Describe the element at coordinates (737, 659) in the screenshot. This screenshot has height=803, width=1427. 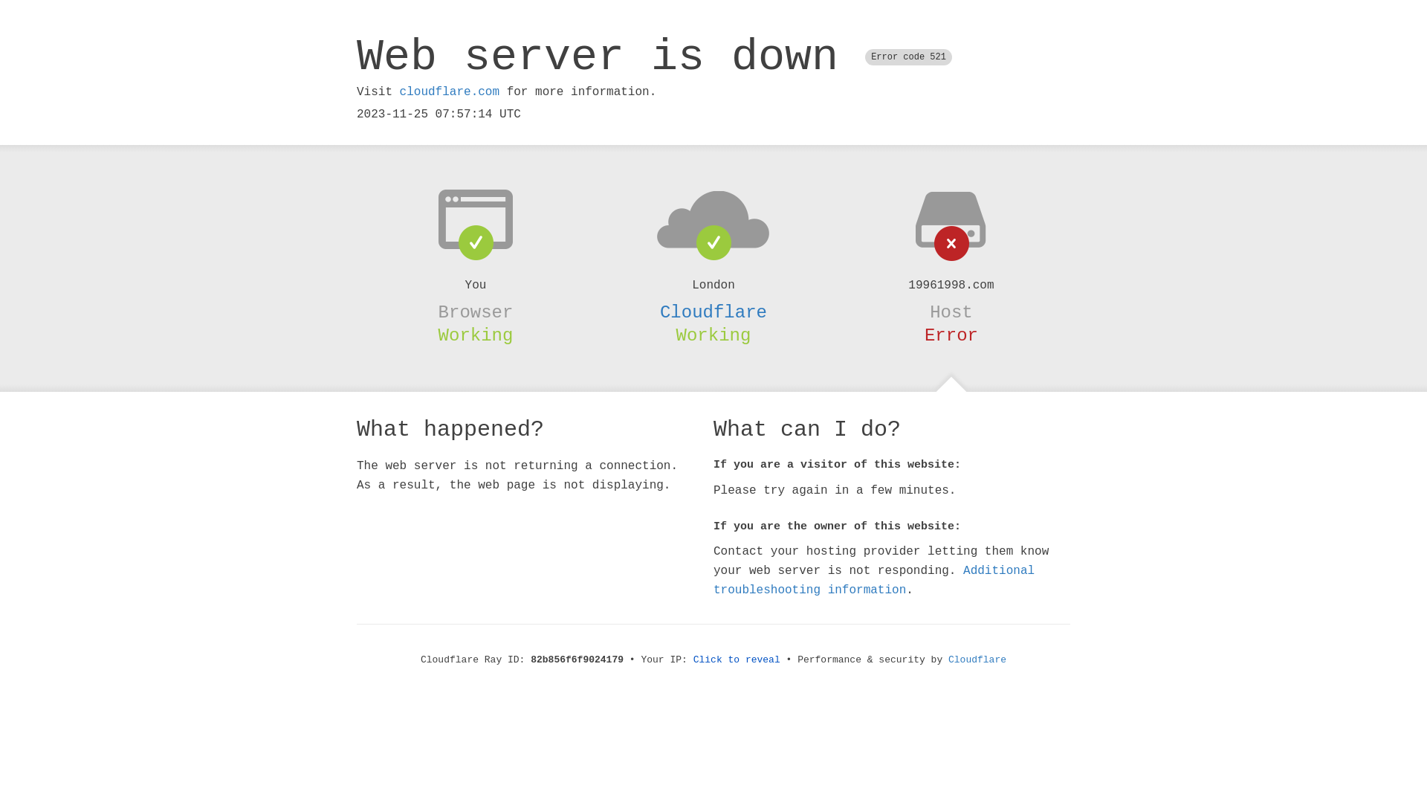
I see `'Click to reveal'` at that location.